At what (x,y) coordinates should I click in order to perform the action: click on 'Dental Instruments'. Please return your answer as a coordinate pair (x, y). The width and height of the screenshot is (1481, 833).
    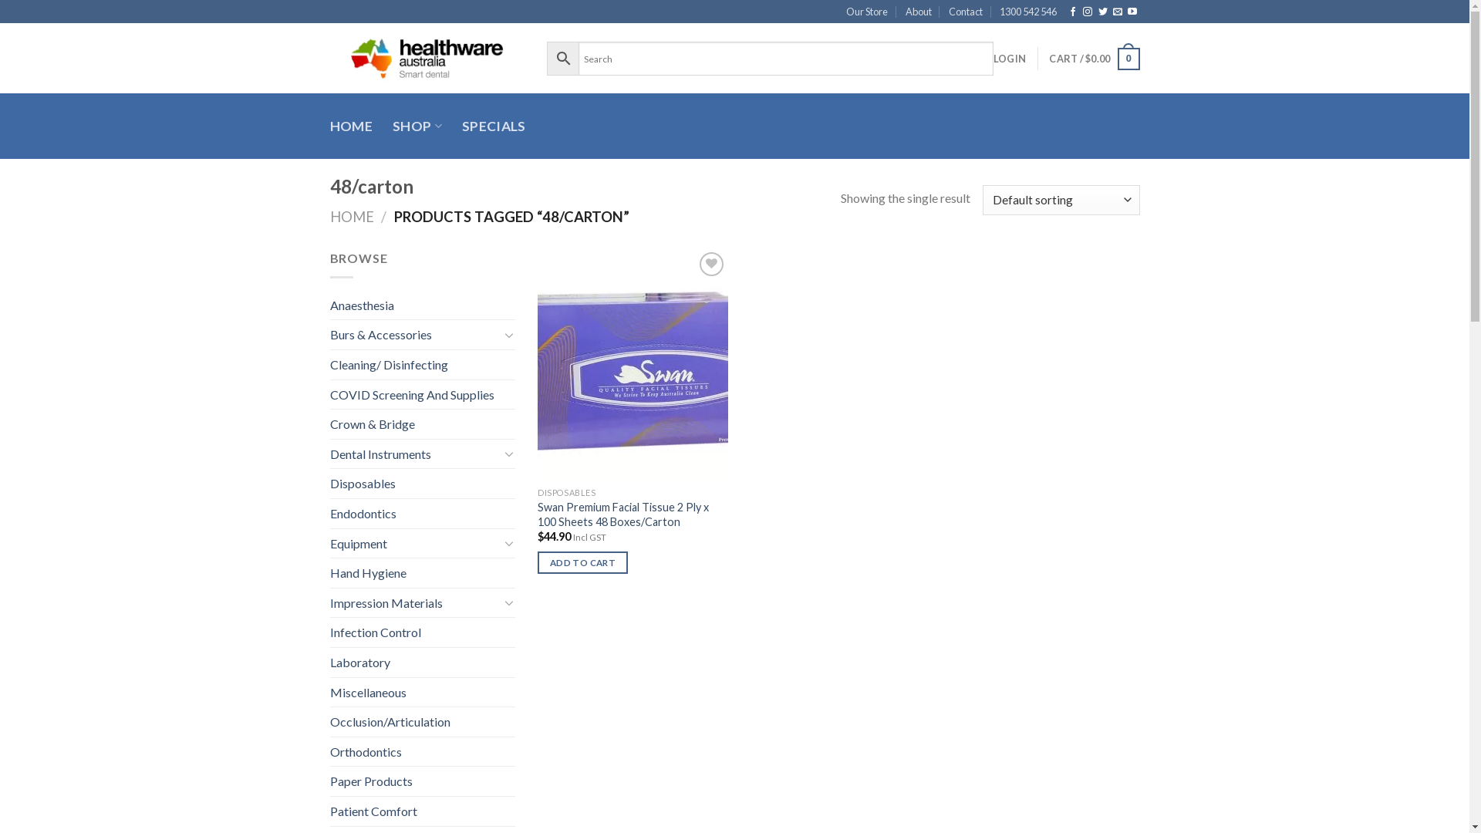
    Looking at the image, I should click on (329, 454).